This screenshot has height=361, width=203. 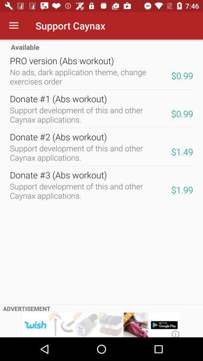 What do you see at coordinates (101, 325) in the screenshot?
I see `opens an advertisement` at bounding box center [101, 325].